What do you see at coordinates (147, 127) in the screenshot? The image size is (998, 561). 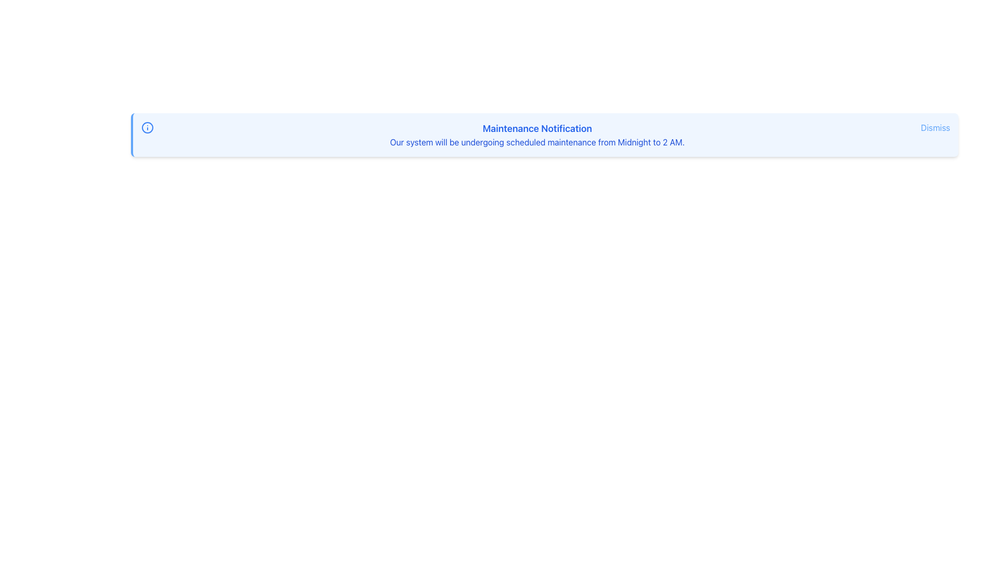 I see `the empty circular shape located inside the blue-bordered informational icon on the left side of the light blue notification bar` at bounding box center [147, 127].